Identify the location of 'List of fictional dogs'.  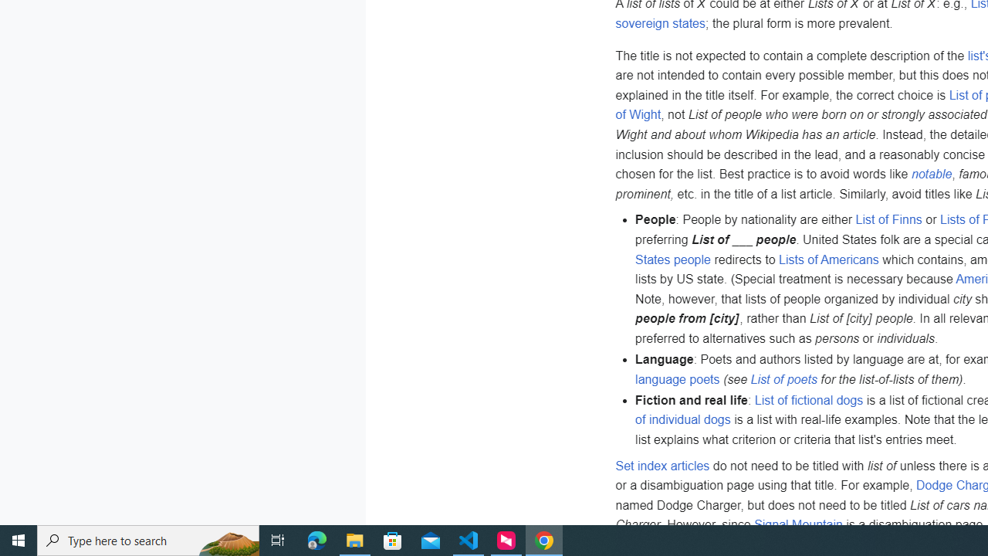
(807, 399).